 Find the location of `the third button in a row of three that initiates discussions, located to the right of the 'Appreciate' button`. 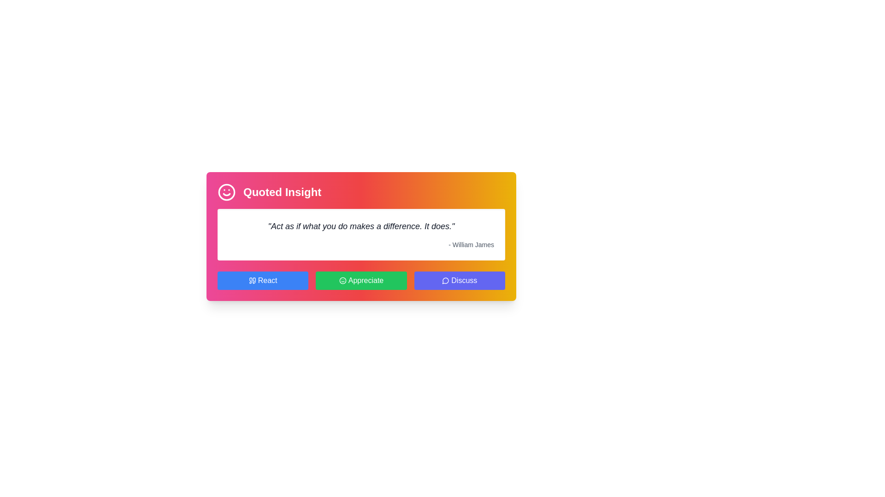

the third button in a row of three that initiates discussions, located to the right of the 'Appreciate' button is located at coordinates (460, 280).